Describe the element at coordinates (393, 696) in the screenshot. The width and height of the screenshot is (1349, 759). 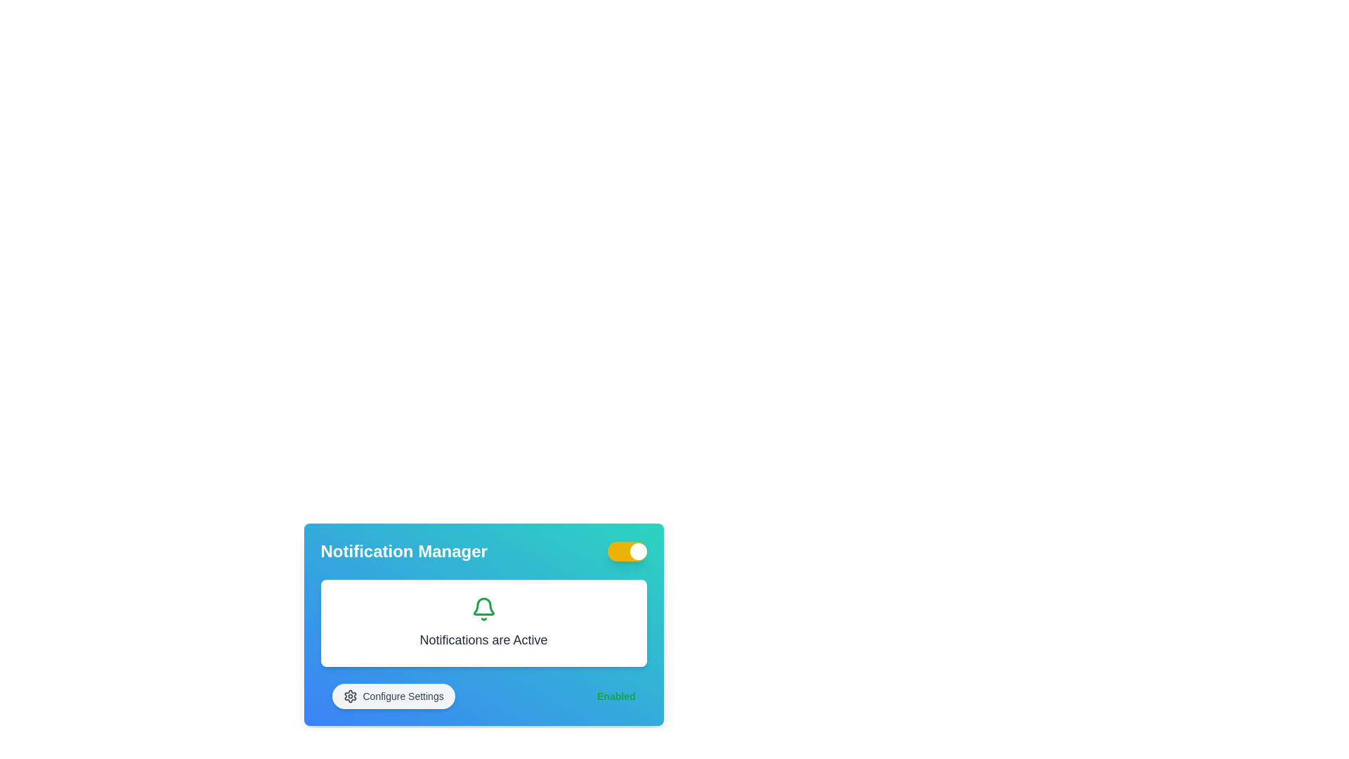
I see `the 'Configure Settings' button, which has a light gray background and a gear icon, to observe its hover effects` at that location.